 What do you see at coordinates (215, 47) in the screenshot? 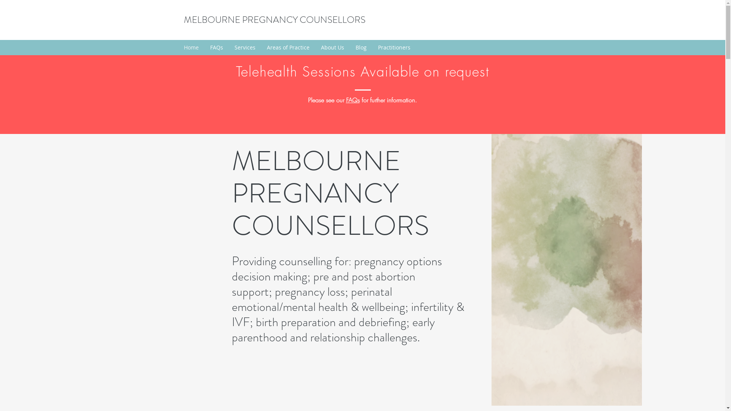
I see `'FAQs'` at bounding box center [215, 47].